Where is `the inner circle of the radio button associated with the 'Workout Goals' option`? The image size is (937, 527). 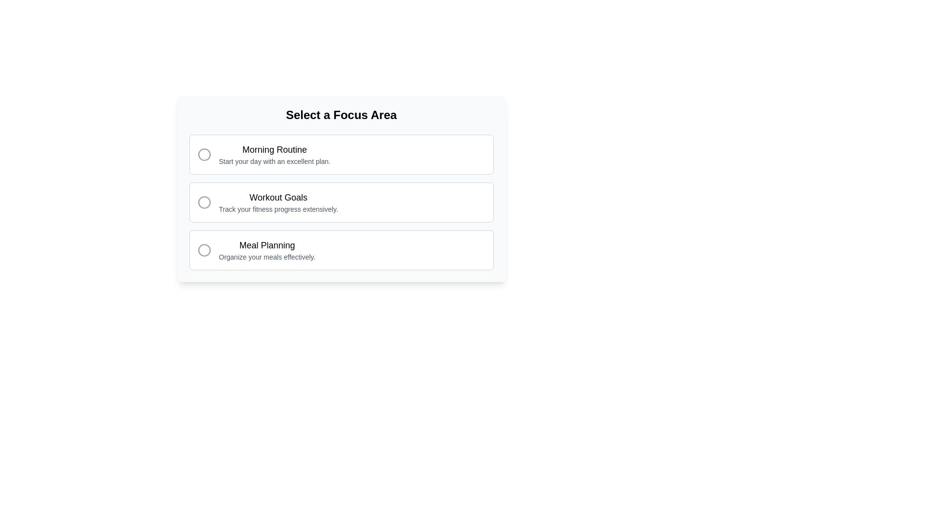 the inner circle of the radio button associated with the 'Workout Goals' option is located at coordinates (204, 202).